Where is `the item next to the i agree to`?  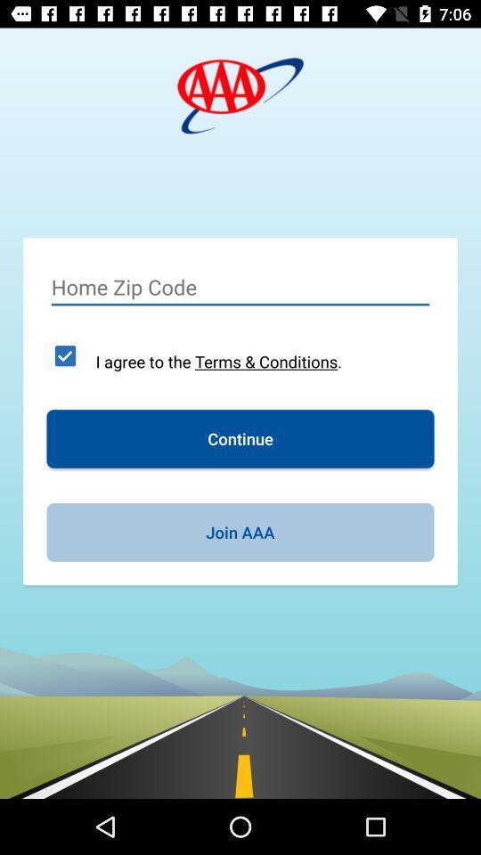
the item next to the i agree to is located at coordinates (64, 354).